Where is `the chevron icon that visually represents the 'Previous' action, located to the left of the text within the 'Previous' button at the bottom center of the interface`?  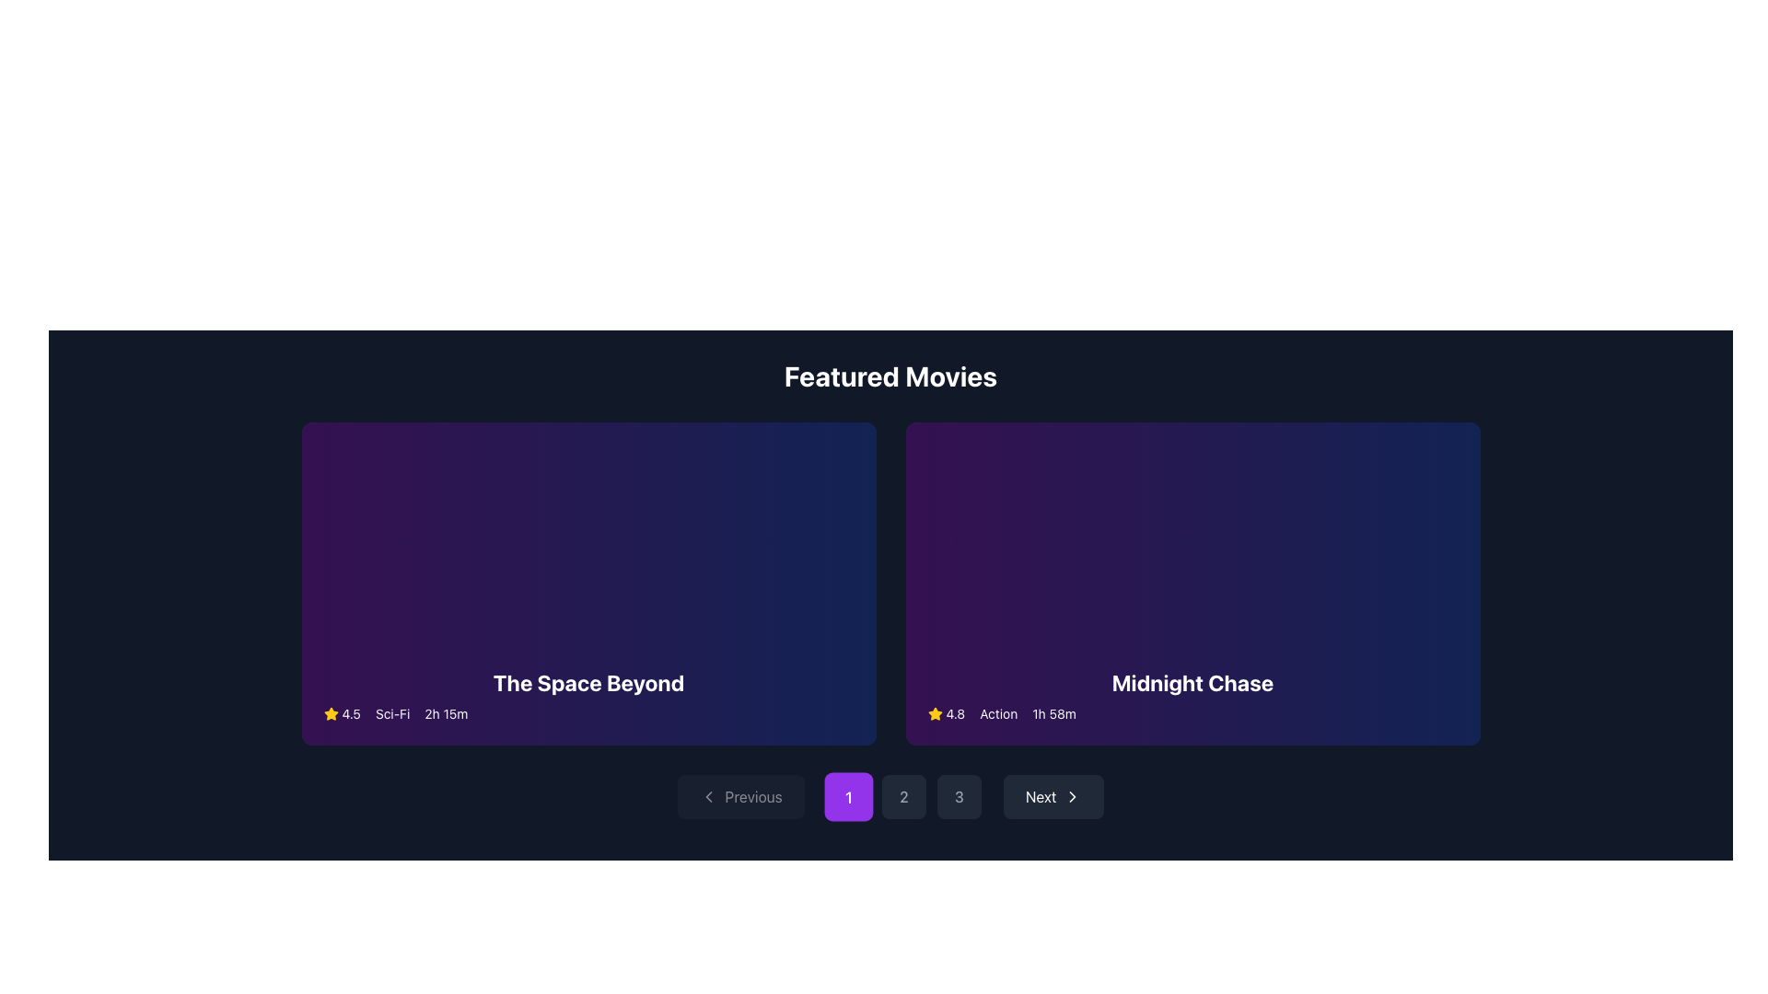
the chevron icon that visually represents the 'Previous' action, located to the left of the text within the 'Previous' button at the bottom center of the interface is located at coordinates (707, 796).